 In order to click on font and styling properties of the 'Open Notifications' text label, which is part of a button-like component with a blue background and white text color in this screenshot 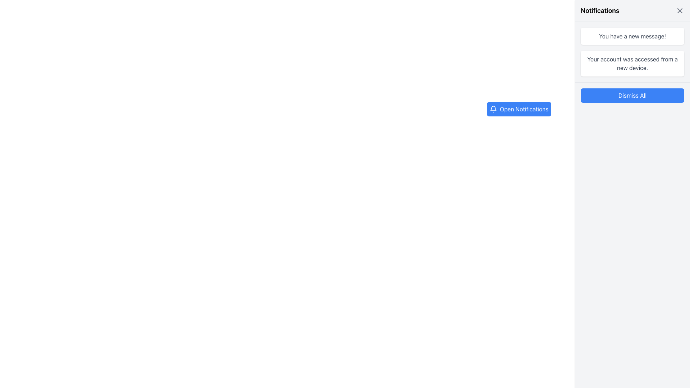, I will do `click(524, 109)`.